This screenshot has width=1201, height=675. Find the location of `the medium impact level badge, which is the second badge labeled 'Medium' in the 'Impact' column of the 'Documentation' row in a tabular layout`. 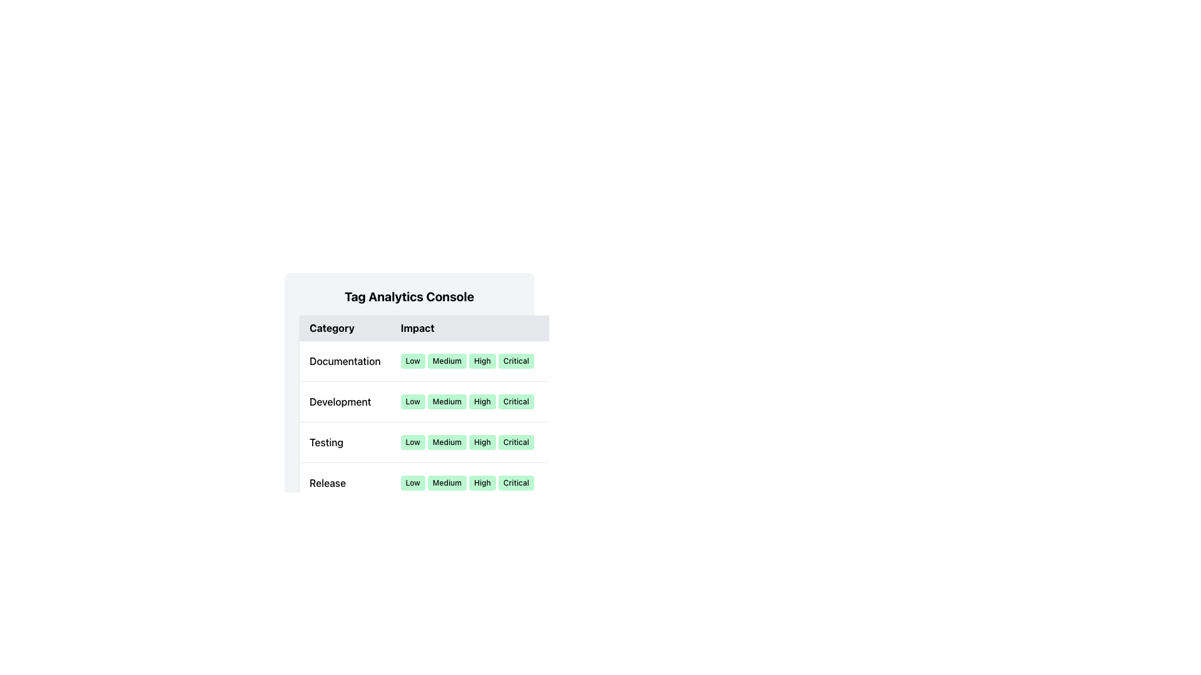

the medium impact level badge, which is the second badge labeled 'Medium' in the 'Impact' column of the 'Documentation' row in a tabular layout is located at coordinates (447, 361).